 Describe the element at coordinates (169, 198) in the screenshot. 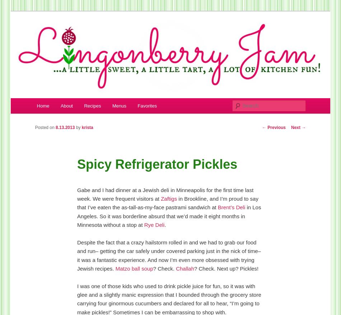

I see `'Zaftigs'` at that location.